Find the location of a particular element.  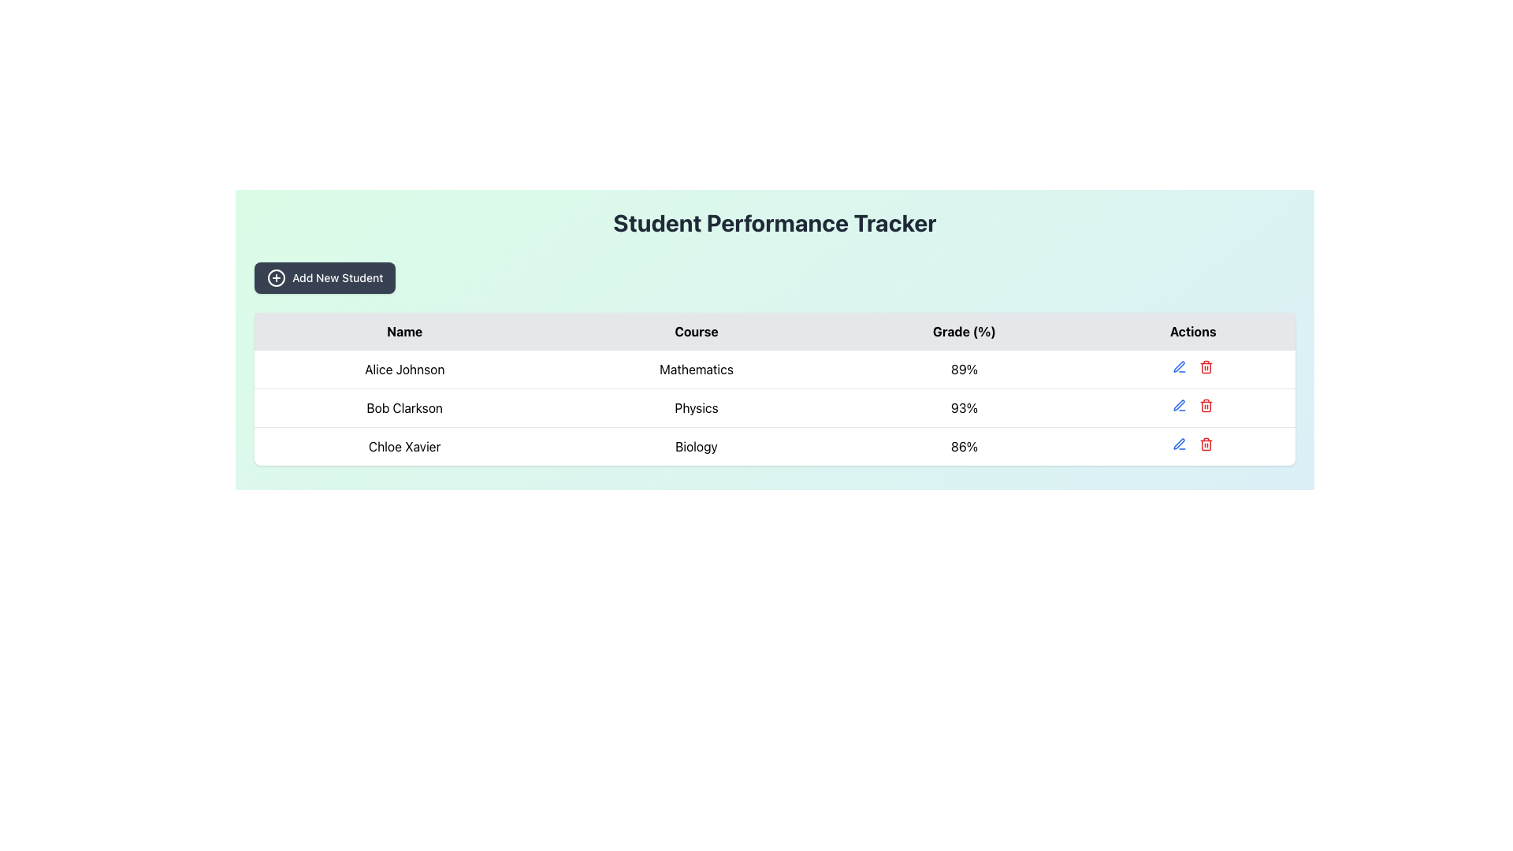

the fourth column header label in the table, which contains action options such as edit and delete for each row is located at coordinates (1193, 330).